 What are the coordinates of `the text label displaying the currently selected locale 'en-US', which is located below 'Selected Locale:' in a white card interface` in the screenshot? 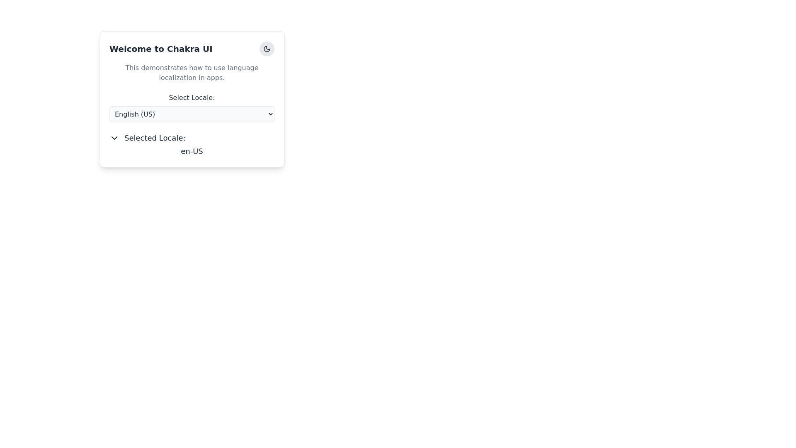 It's located at (191, 151).